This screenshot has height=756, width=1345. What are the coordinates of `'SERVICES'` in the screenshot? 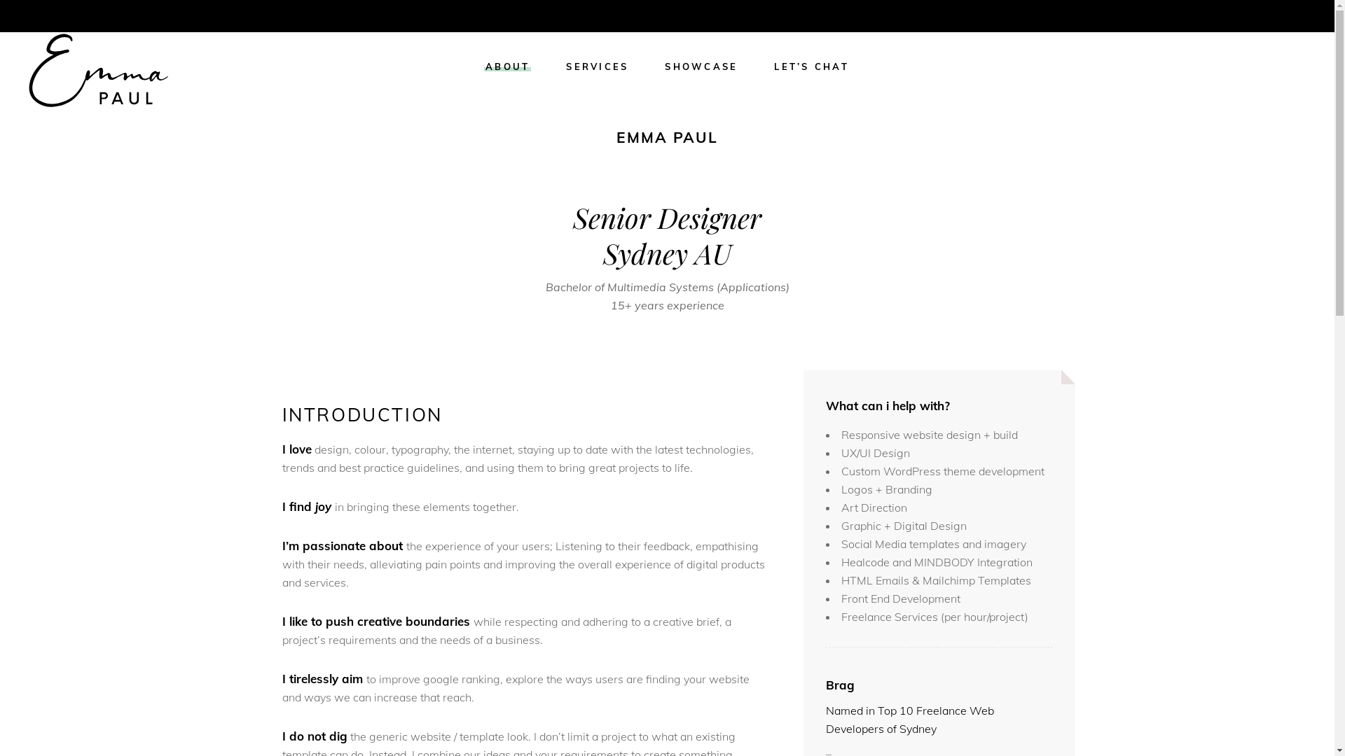 It's located at (597, 67).